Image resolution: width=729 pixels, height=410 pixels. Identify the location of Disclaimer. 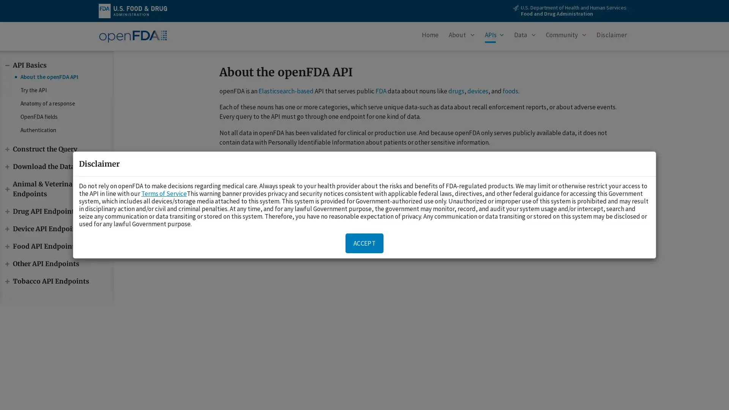
(612, 36).